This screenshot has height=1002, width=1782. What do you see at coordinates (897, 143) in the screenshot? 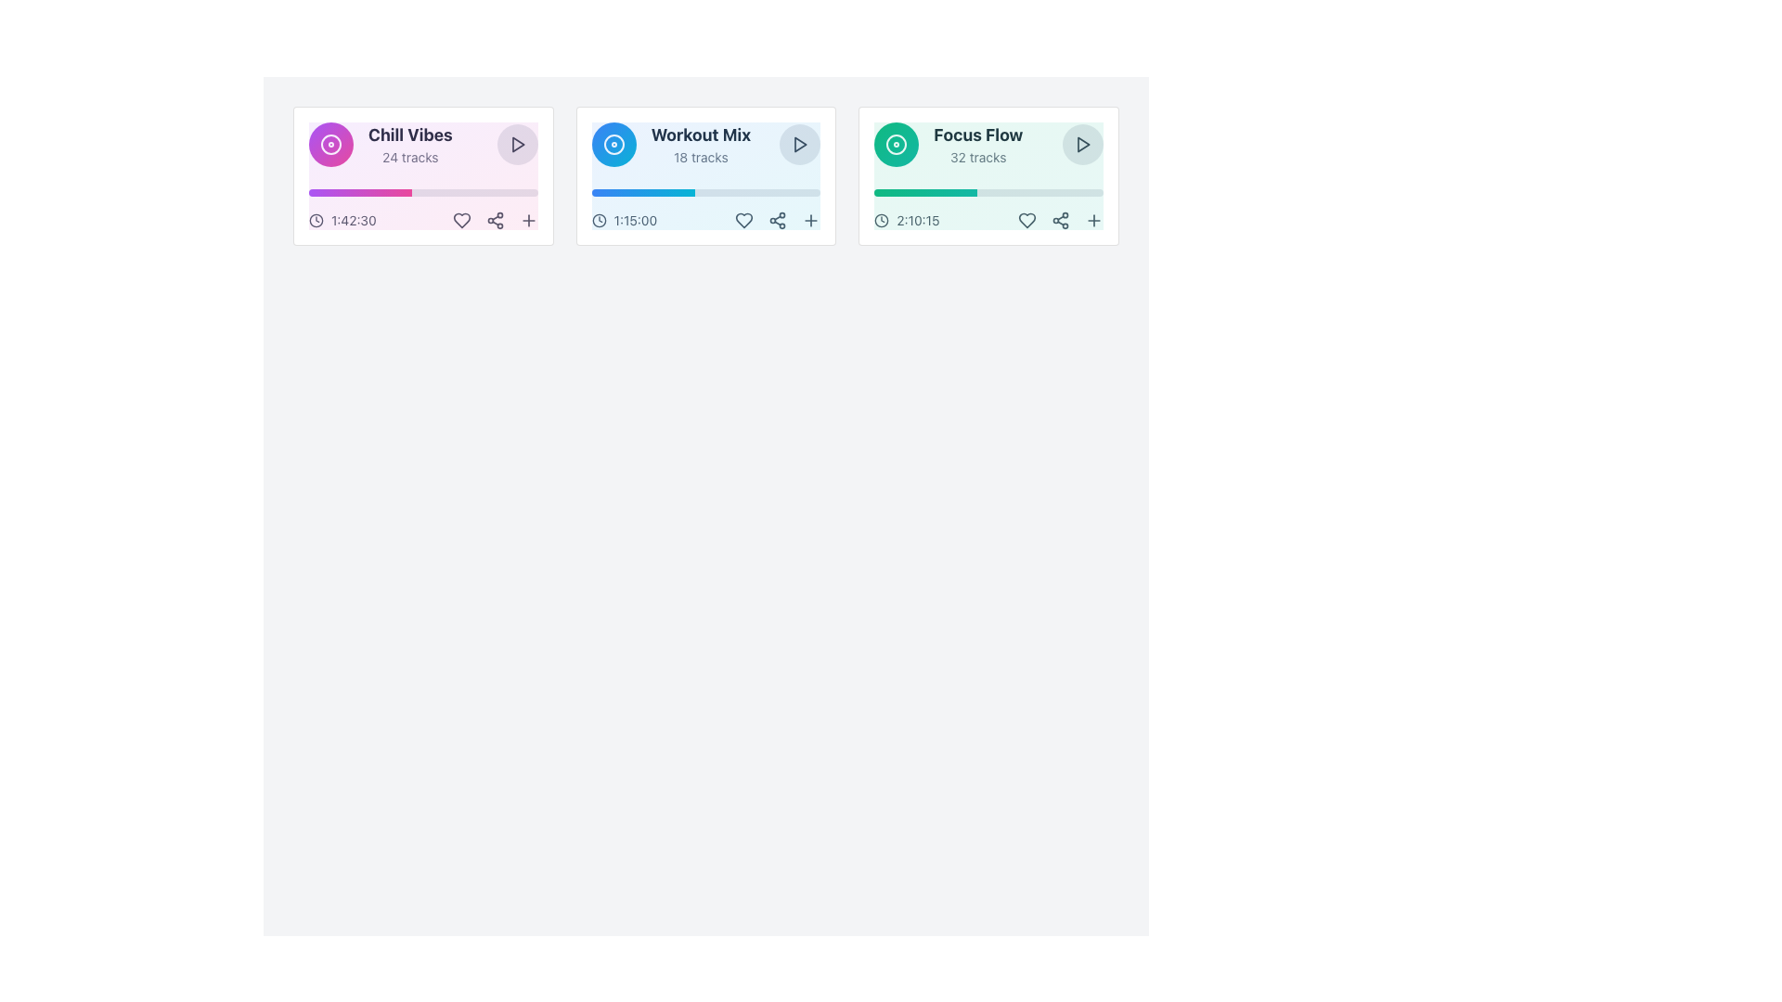
I see `the spinning white-and-green circular icon located in the top center of the 'Focus Flow' card with 32 tracks` at bounding box center [897, 143].